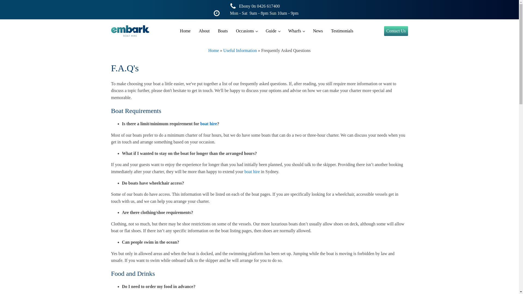 The image size is (523, 294). Describe the element at coordinates (318, 31) in the screenshot. I see `'News'` at that location.